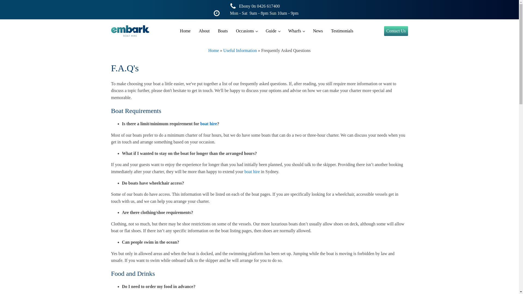 The image size is (523, 294). Describe the element at coordinates (318, 31) in the screenshot. I see `'News'` at that location.